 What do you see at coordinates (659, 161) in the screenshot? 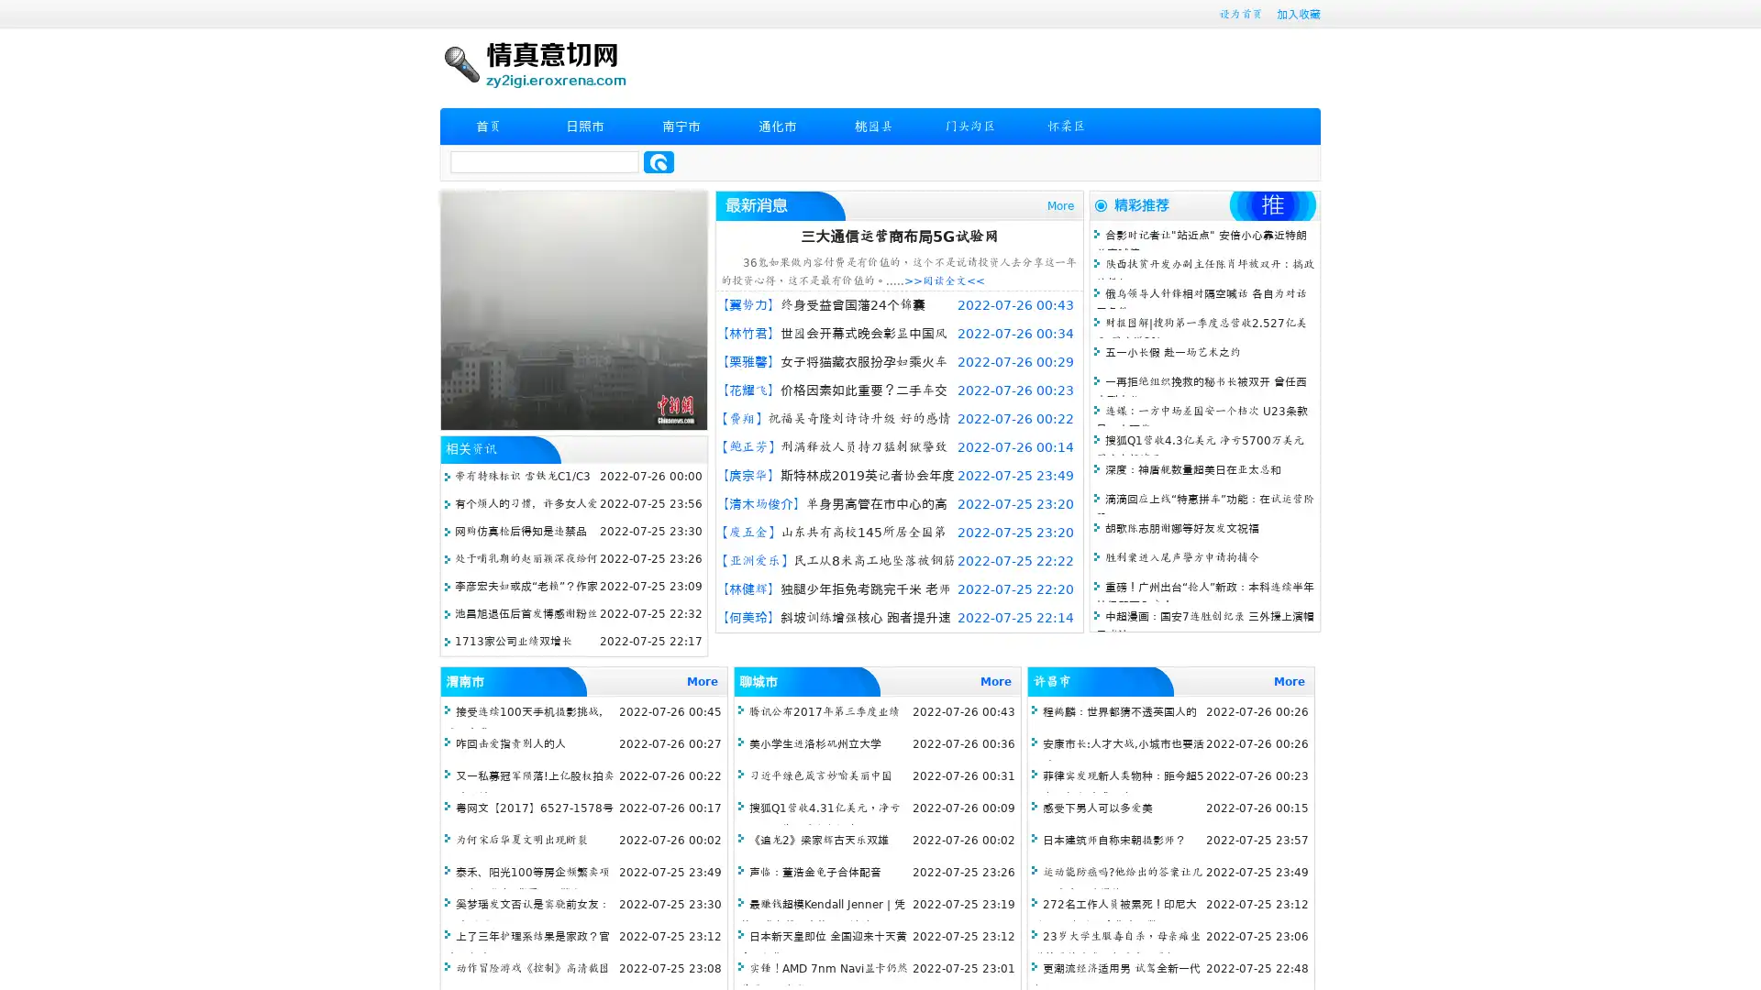
I see `Search` at bounding box center [659, 161].